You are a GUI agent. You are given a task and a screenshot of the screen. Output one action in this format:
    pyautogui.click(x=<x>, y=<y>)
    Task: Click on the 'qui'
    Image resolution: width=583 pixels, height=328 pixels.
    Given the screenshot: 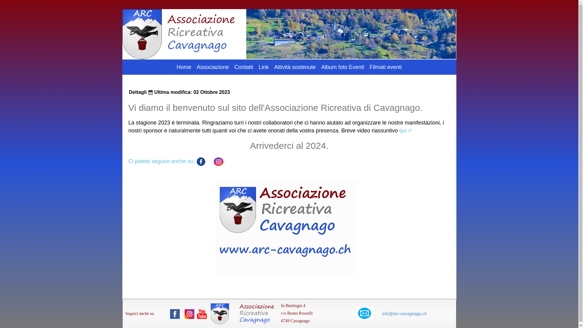 What is the action you would take?
    pyautogui.click(x=405, y=130)
    